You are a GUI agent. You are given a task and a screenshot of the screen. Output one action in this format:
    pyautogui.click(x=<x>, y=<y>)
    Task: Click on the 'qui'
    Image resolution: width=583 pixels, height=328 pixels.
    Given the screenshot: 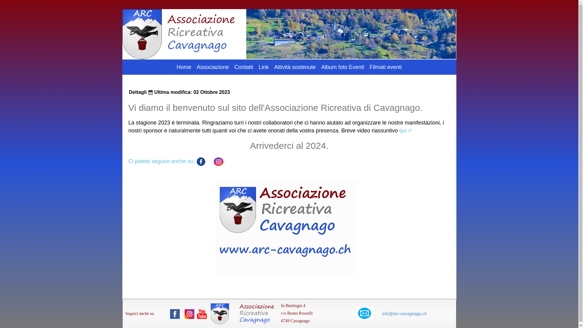 What is the action you would take?
    pyautogui.click(x=405, y=130)
    